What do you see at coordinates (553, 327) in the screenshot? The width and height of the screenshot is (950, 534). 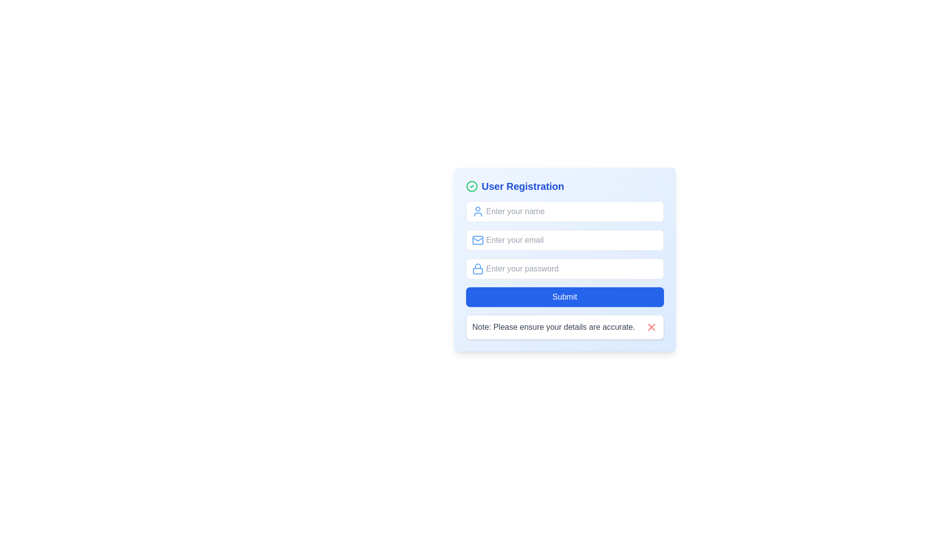 I see `the static text element displaying 'Note: Please ensure your details are accurate.' located below the 'Submit' button in the user registration form` at bounding box center [553, 327].